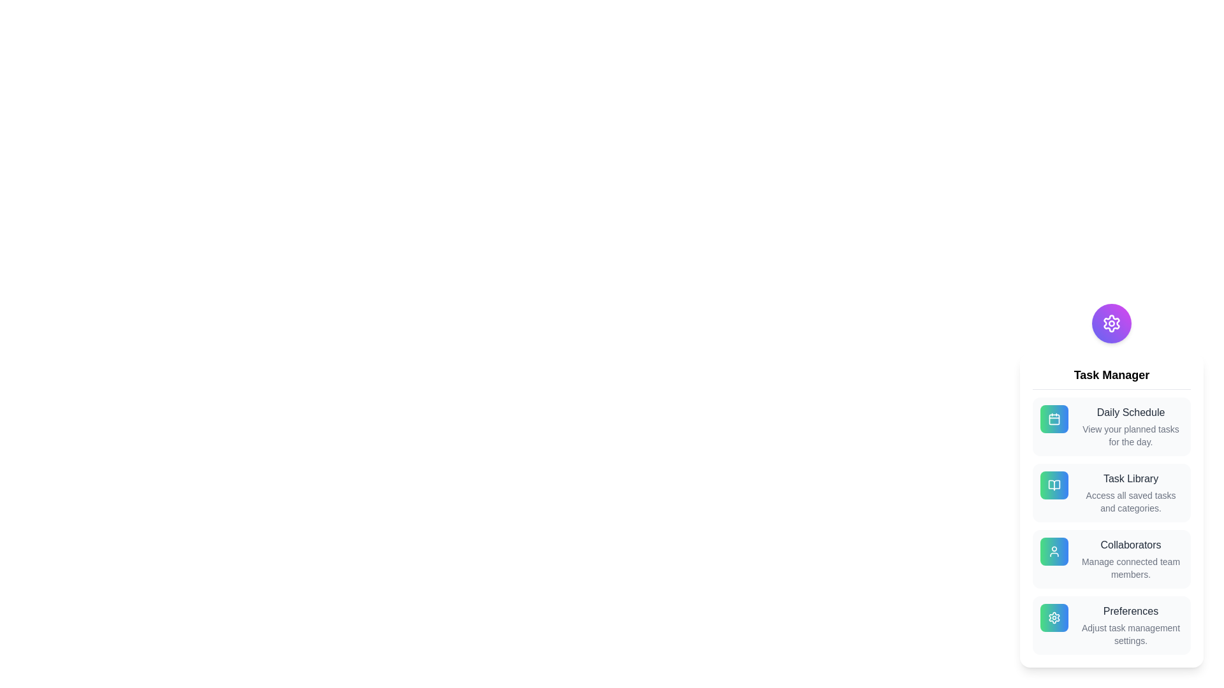 Image resolution: width=1224 pixels, height=688 pixels. I want to click on the 'Preferences' option in the menu to adjust task management settings, so click(1111, 625).